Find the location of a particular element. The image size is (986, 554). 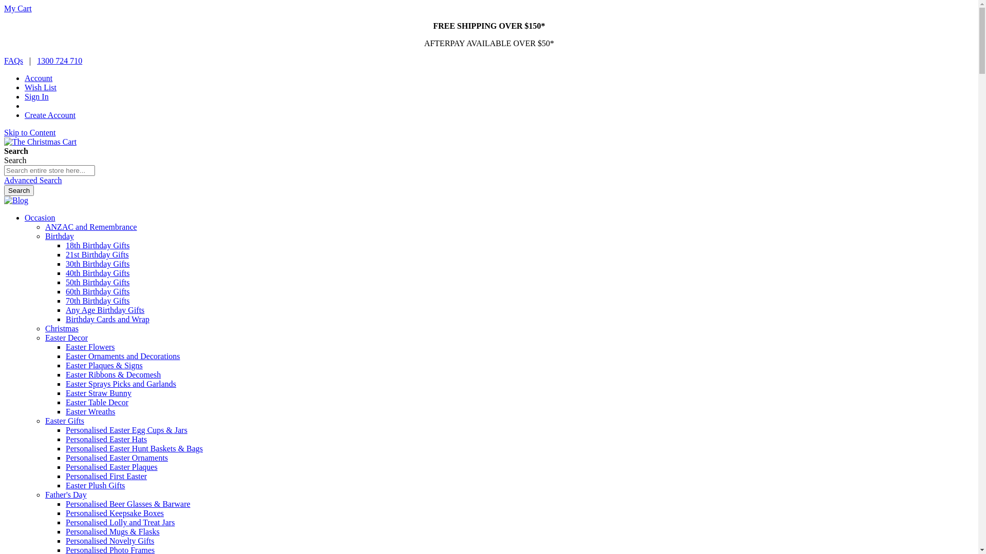

'Account' is located at coordinates (25, 77).